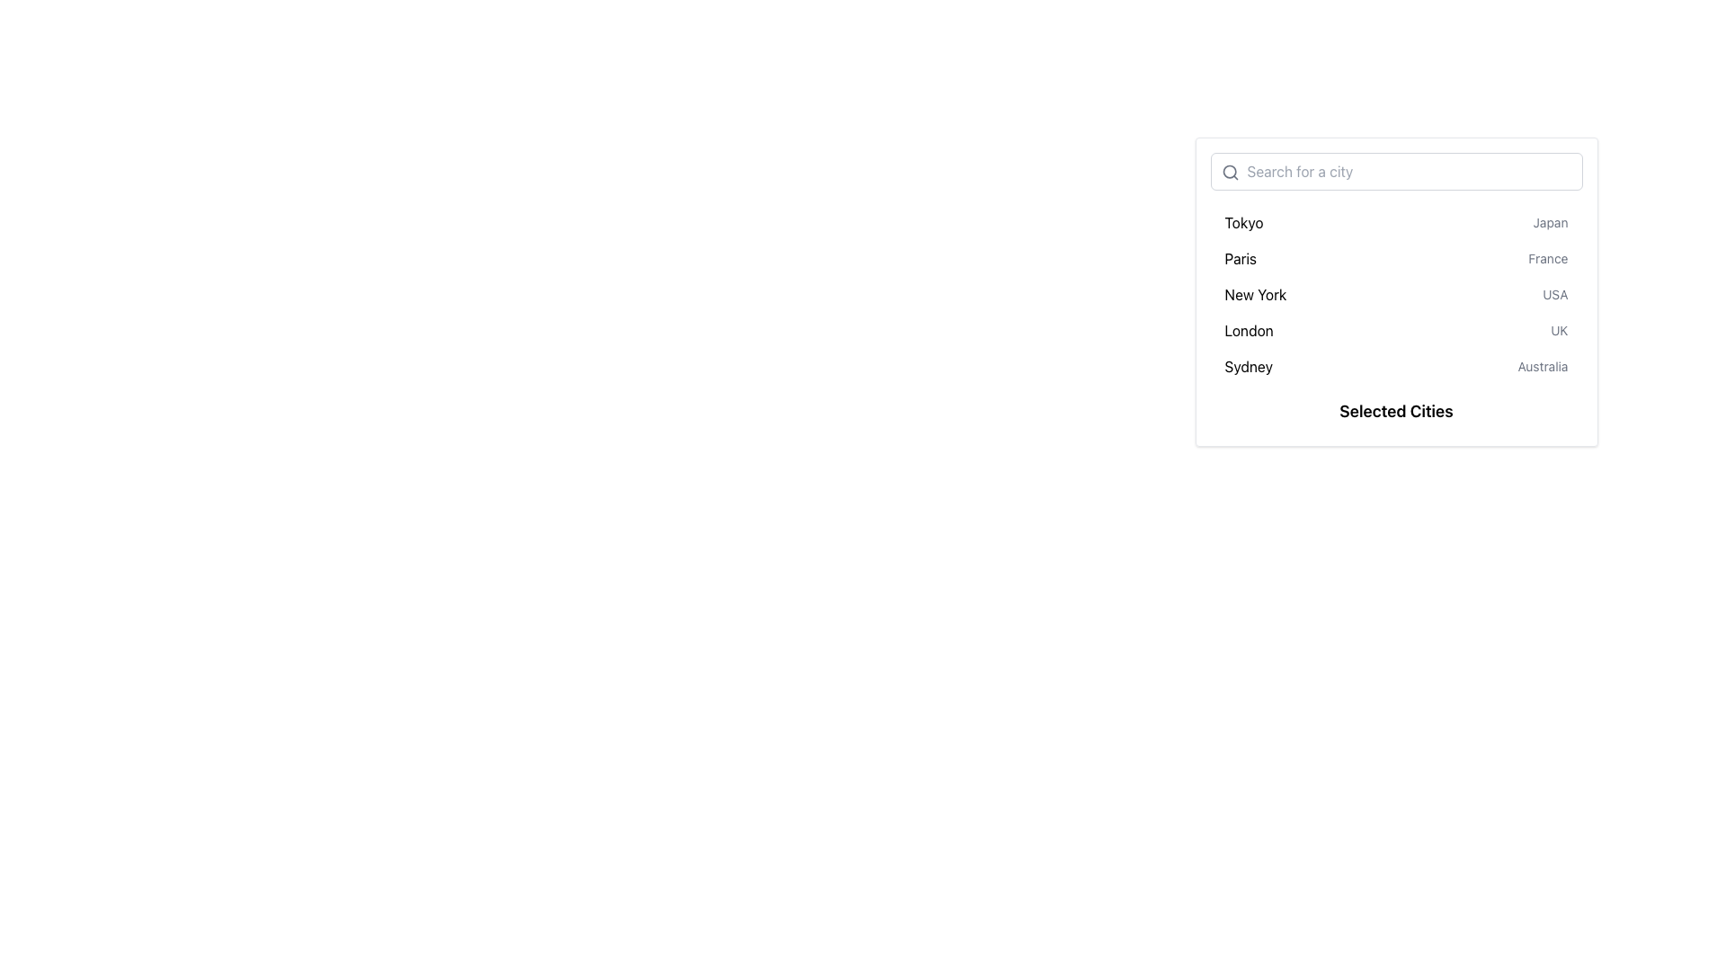 The height and width of the screenshot is (971, 1726). Describe the element at coordinates (1395, 259) in the screenshot. I see `the interactive list item for 'Paris, France'` at that location.